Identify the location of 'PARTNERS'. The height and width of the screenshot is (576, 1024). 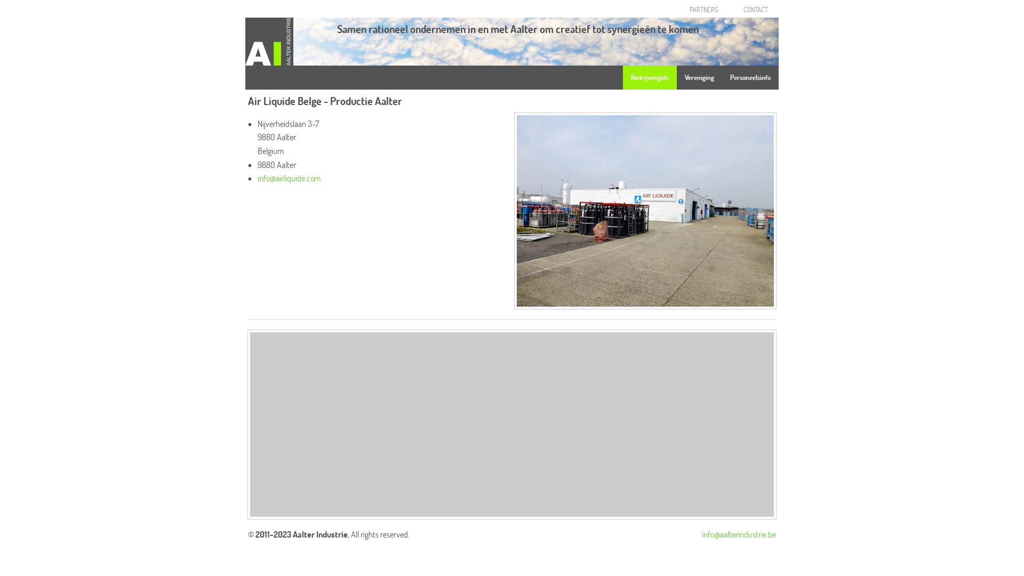
(703, 10).